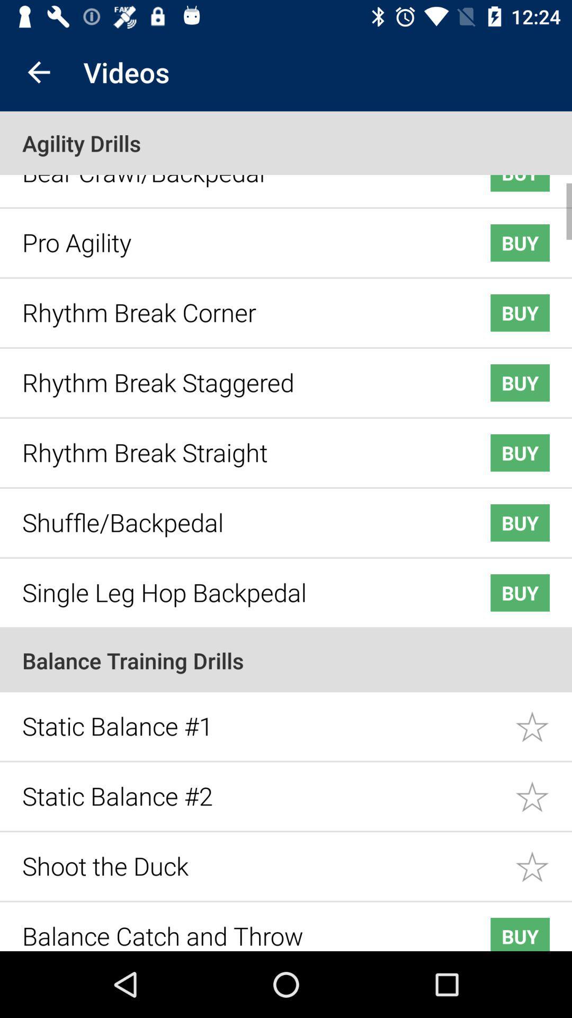 The image size is (572, 1018). What do you see at coordinates (543, 789) in the screenshot?
I see `static balance 2` at bounding box center [543, 789].